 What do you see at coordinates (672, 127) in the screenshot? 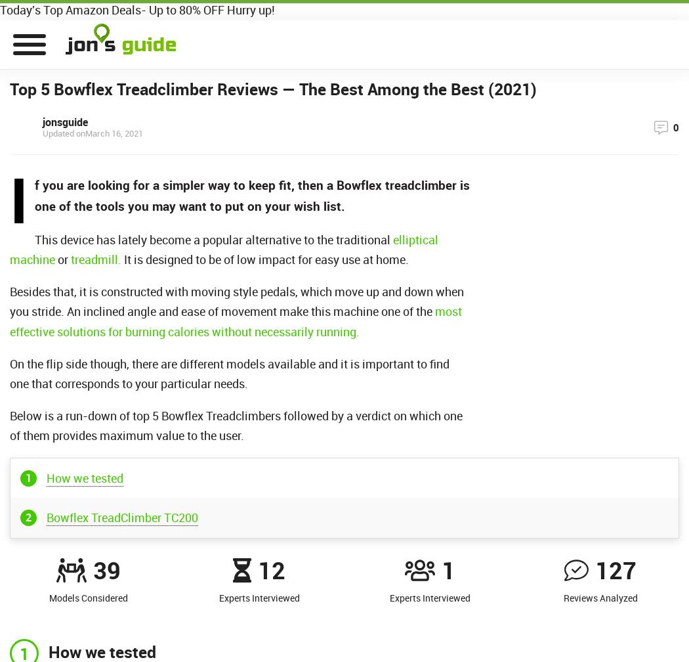
I see `'0'` at bounding box center [672, 127].